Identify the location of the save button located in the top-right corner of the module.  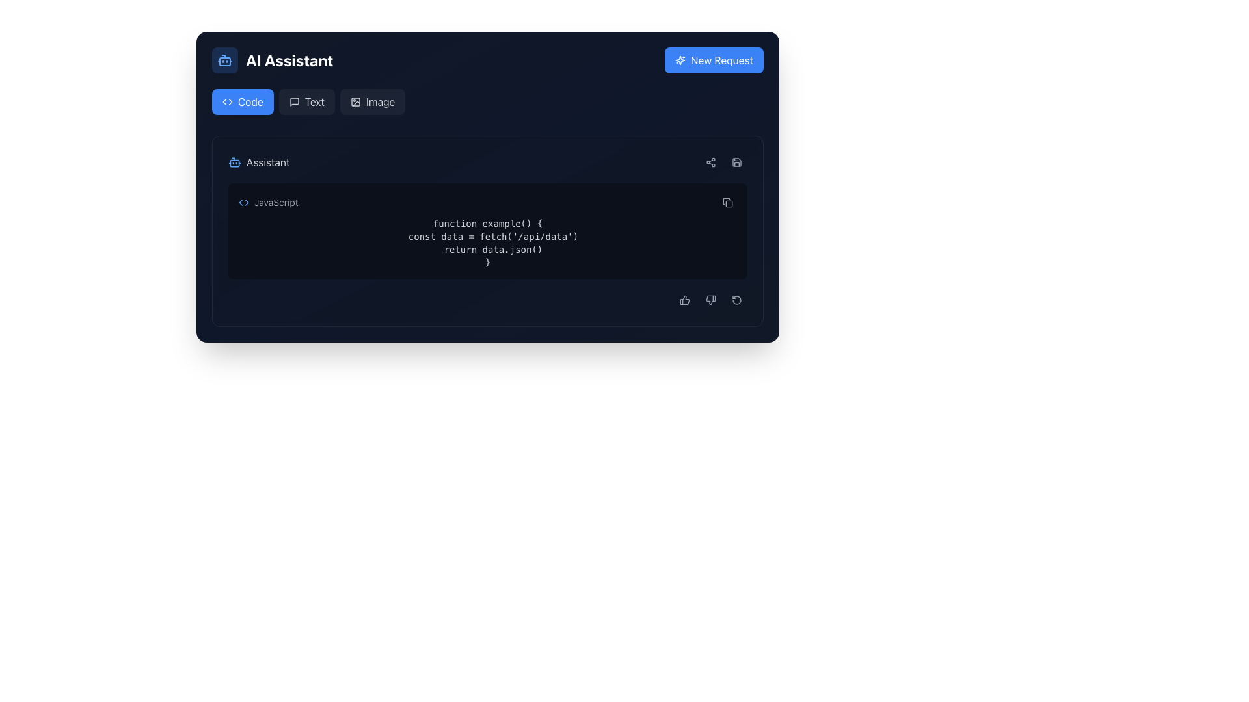
(736, 162).